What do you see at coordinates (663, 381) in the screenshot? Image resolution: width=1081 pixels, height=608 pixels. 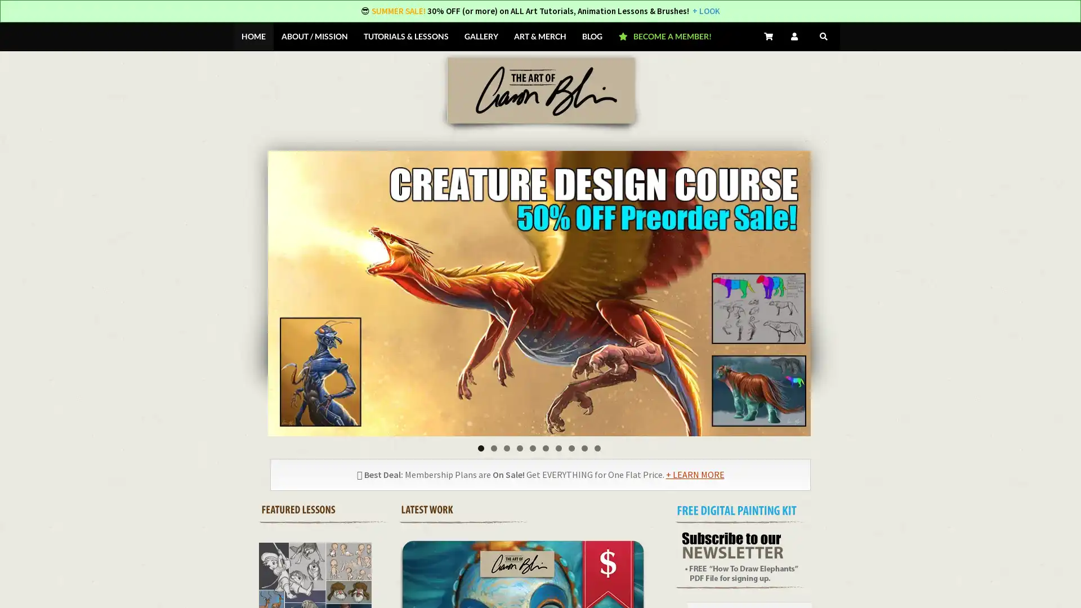 I see `SUBSCRIBE!` at bounding box center [663, 381].